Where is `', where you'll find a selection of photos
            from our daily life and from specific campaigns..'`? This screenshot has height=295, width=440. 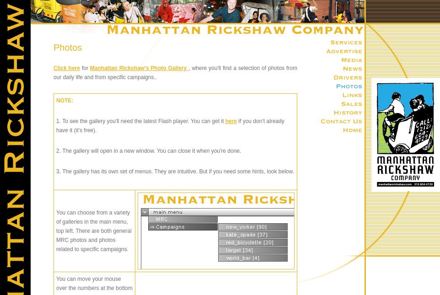 ', where you'll find a selection of photos
            from our daily life and from specific campaigns..' is located at coordinates (175, 72).